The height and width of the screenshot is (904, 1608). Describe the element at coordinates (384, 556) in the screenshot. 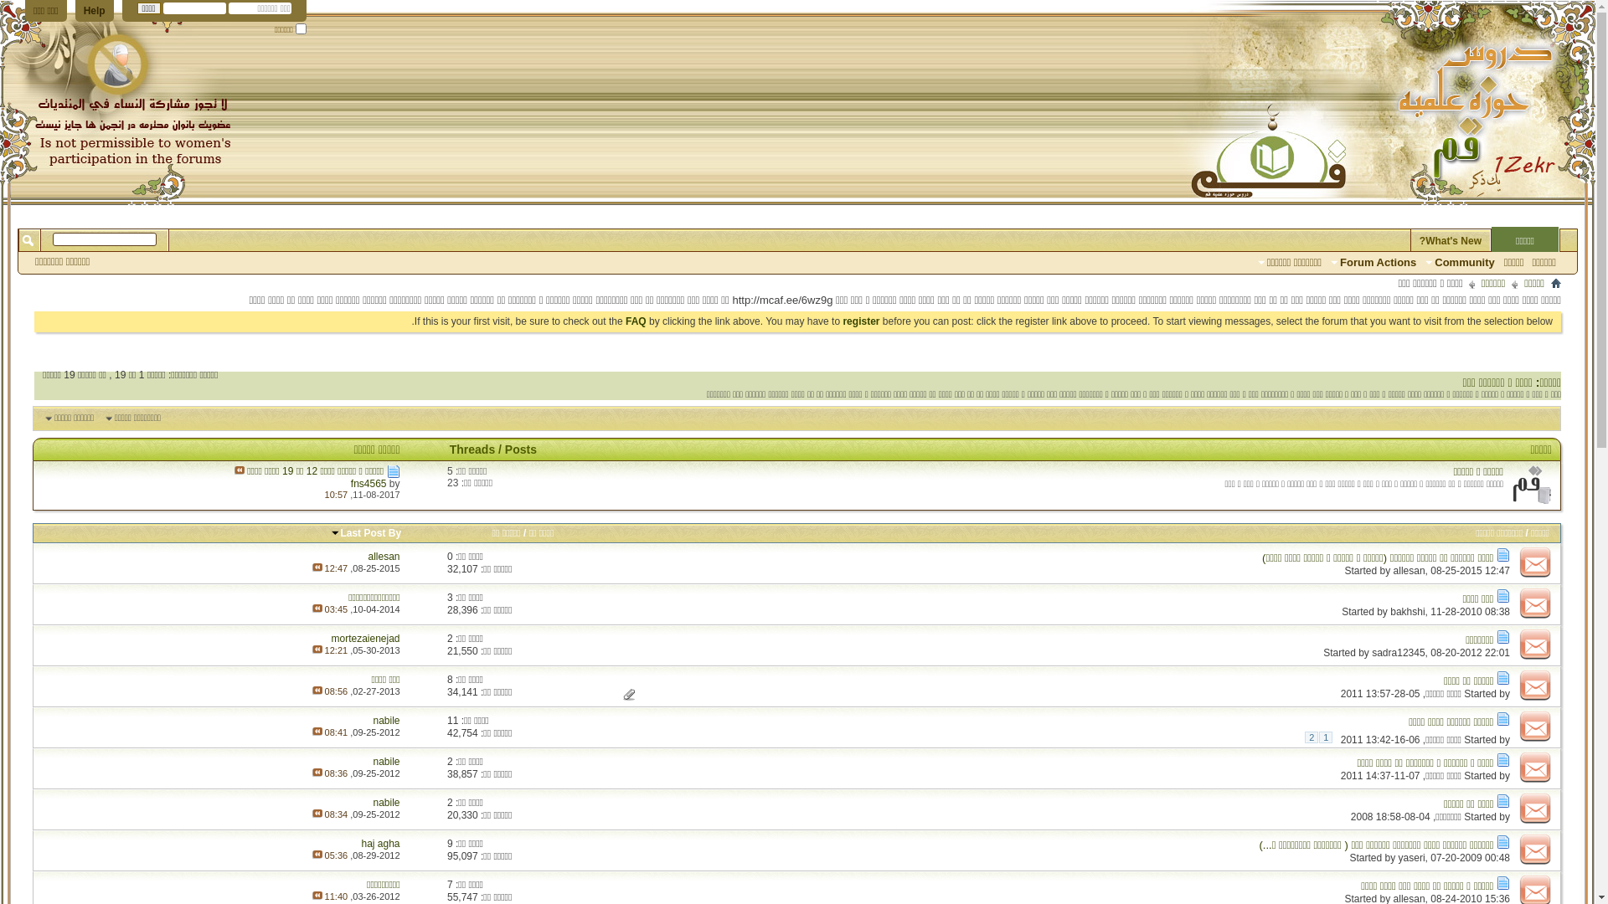

I see `'allesan'` at that location.